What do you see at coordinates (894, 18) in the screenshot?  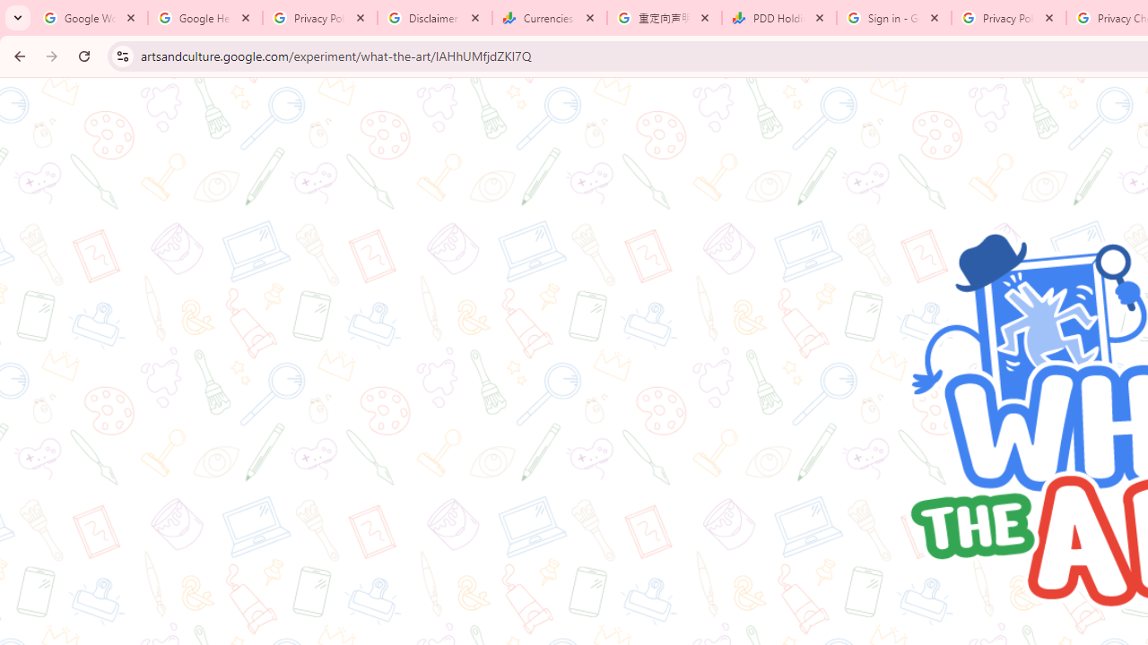 I see `'Sign in - Google Accounts'` at bounding box center [894, 18].